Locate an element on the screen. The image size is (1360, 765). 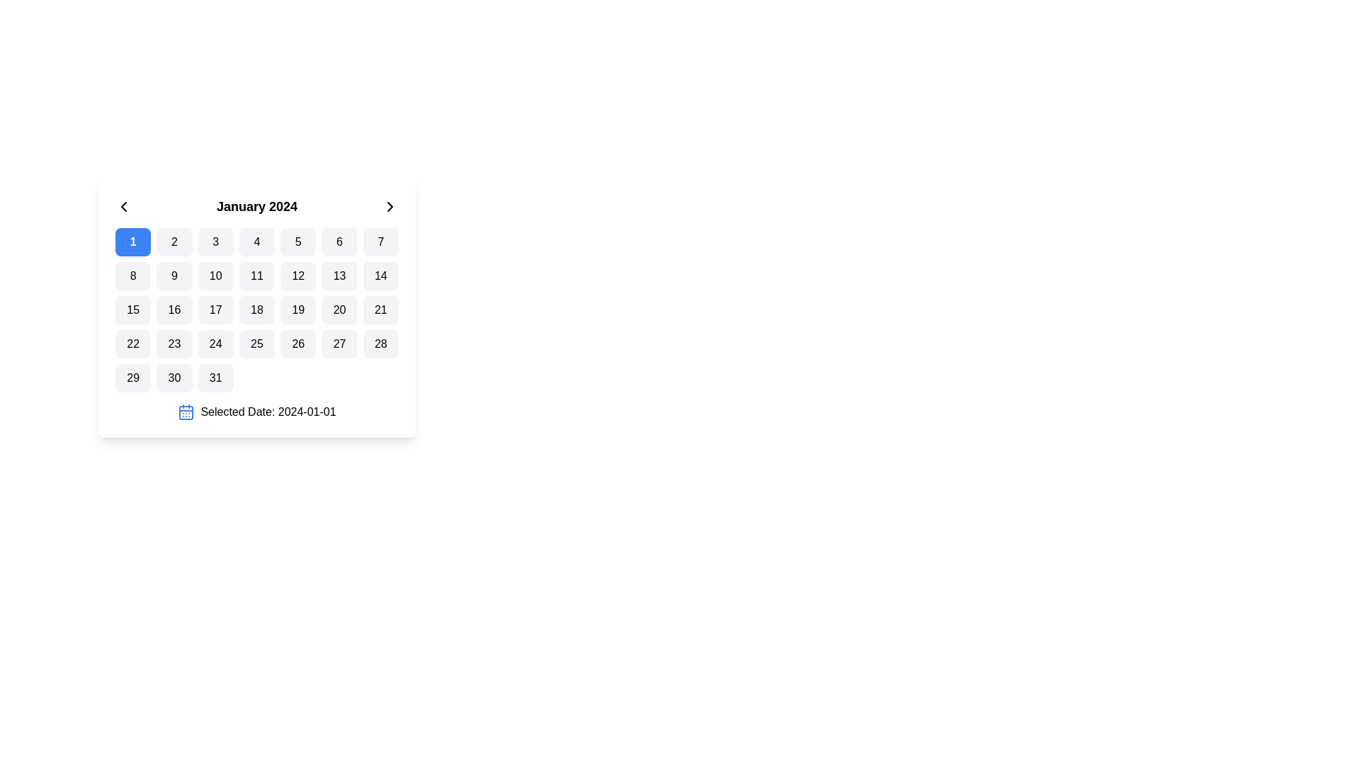
the button labeled '2' in the calendar grid is located at coordinates (174, 242).